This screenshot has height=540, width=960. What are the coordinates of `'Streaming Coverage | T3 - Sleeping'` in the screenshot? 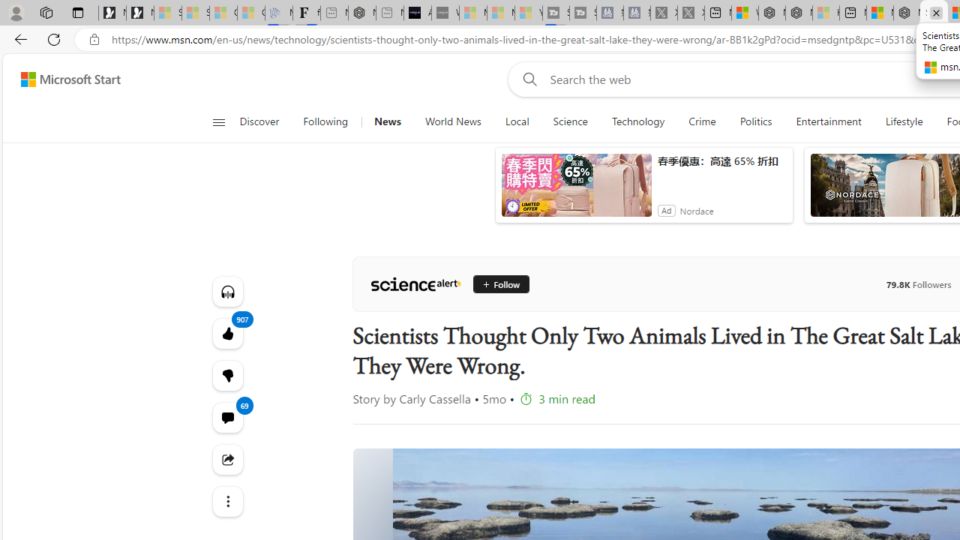 It's located at (555, 13).